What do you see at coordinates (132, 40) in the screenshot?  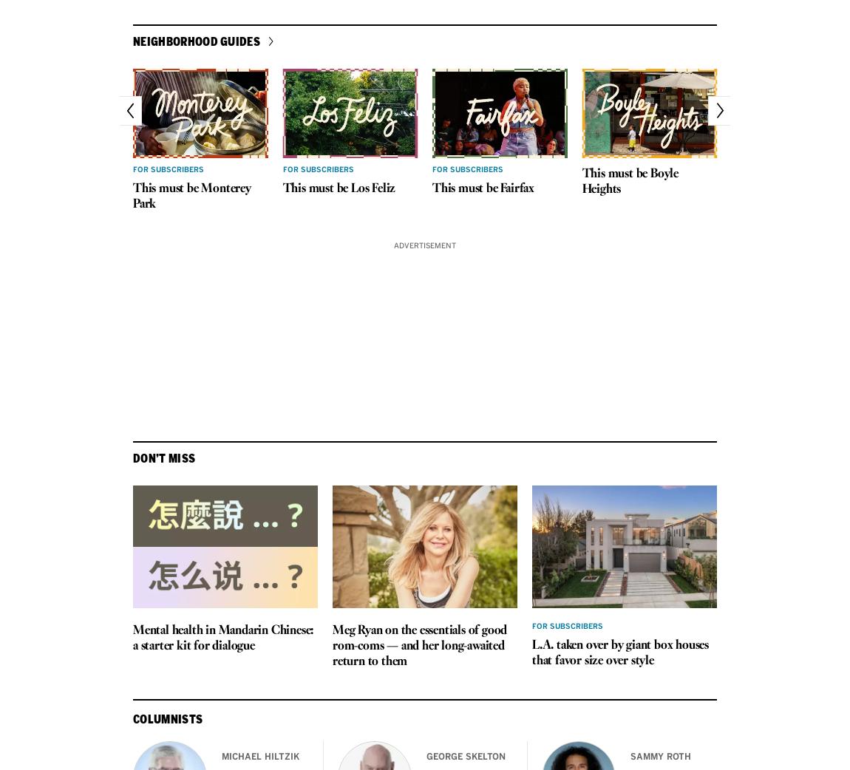 I see `'Neighborhood guides'` at bounding box center [132, 40].